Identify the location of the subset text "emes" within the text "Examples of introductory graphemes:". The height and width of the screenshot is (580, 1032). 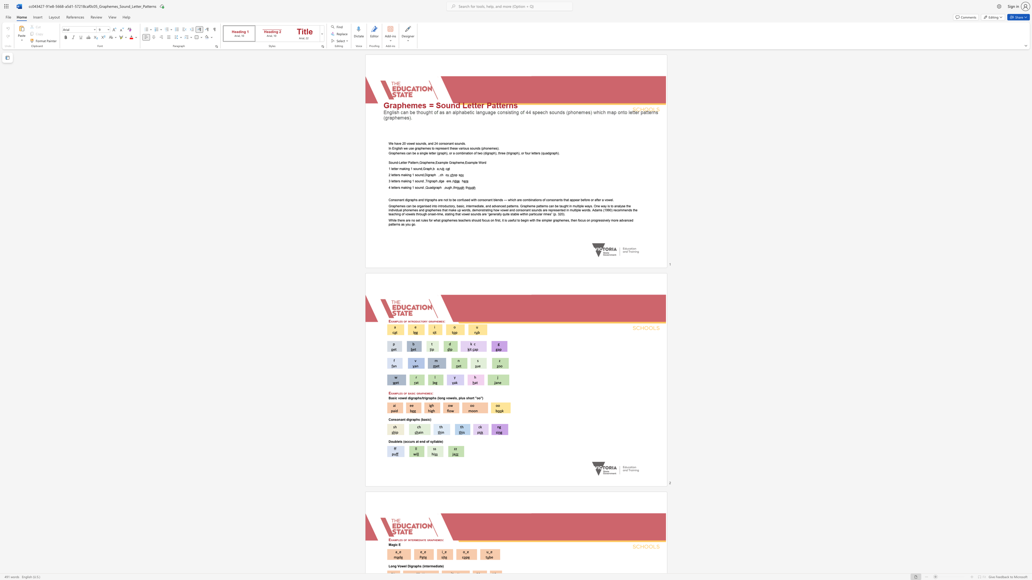
(437, 321).